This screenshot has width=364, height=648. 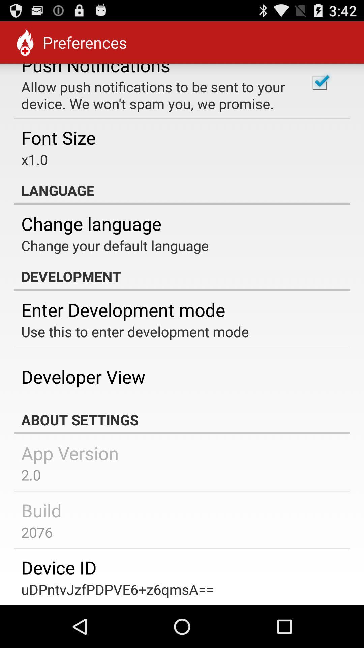 I want to click on the app above the language, so click(x=319, y=82).